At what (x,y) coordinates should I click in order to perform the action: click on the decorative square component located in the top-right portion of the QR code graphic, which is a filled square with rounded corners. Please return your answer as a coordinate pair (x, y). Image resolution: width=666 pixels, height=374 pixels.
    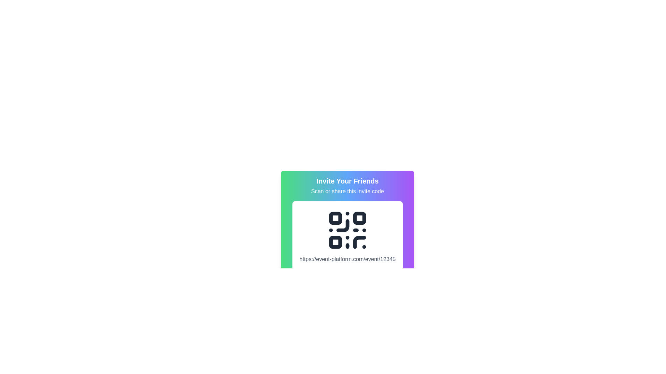
    Looking at the image, I should click on (359, 218).